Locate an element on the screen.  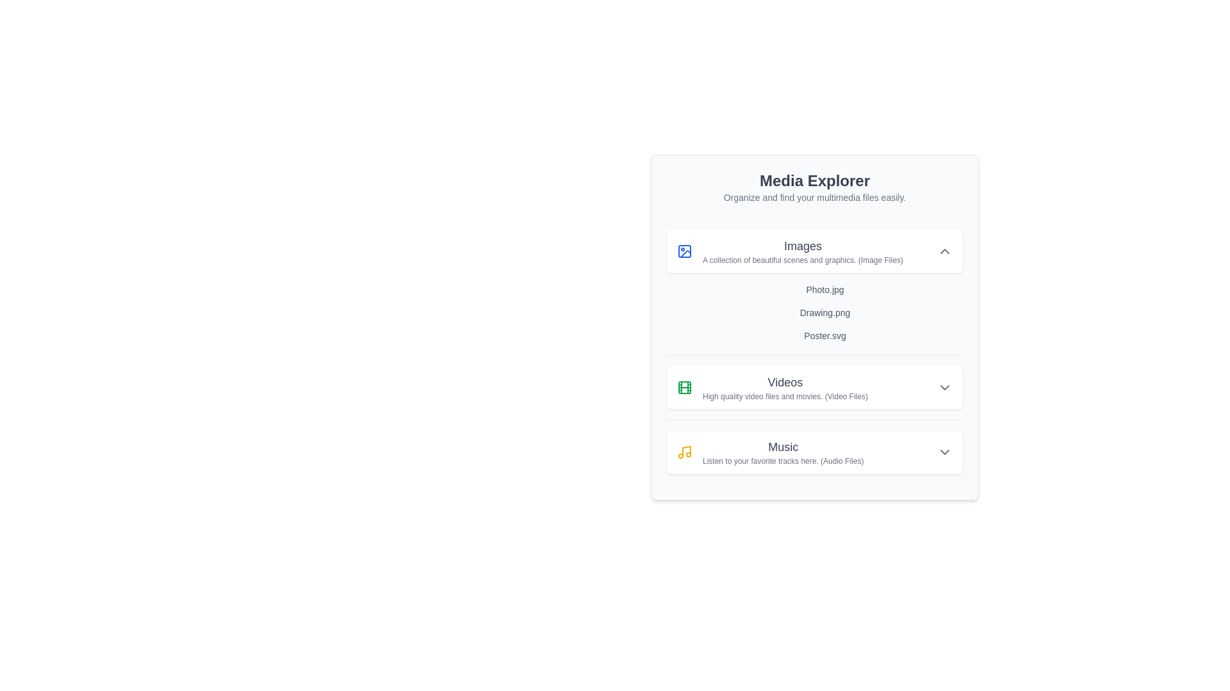
the 'Videos' icon, which is located to the left of the text 'Videos High quality video files and movies. (Video Files)' in the multimedia content section is located at coordinates (684, 386).